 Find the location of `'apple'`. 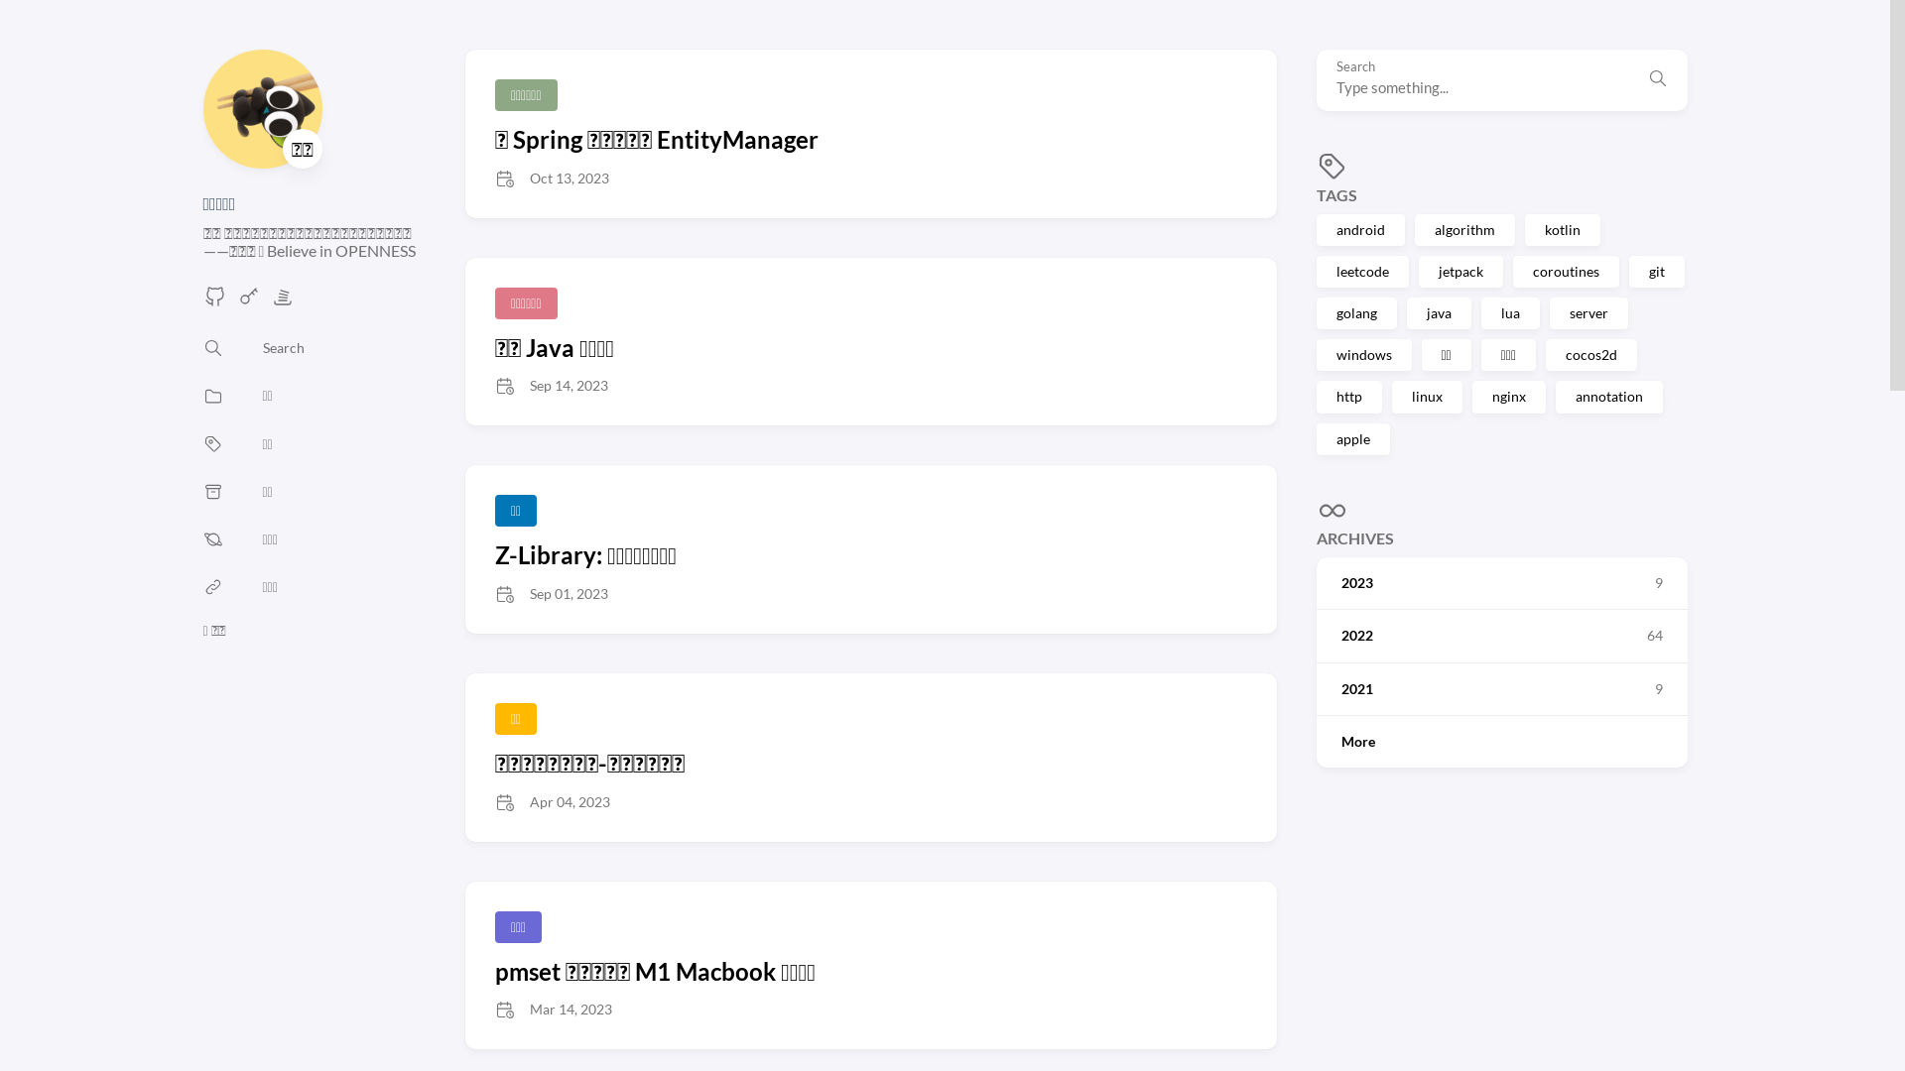

'apple' is located at coordinates (1315, 437).